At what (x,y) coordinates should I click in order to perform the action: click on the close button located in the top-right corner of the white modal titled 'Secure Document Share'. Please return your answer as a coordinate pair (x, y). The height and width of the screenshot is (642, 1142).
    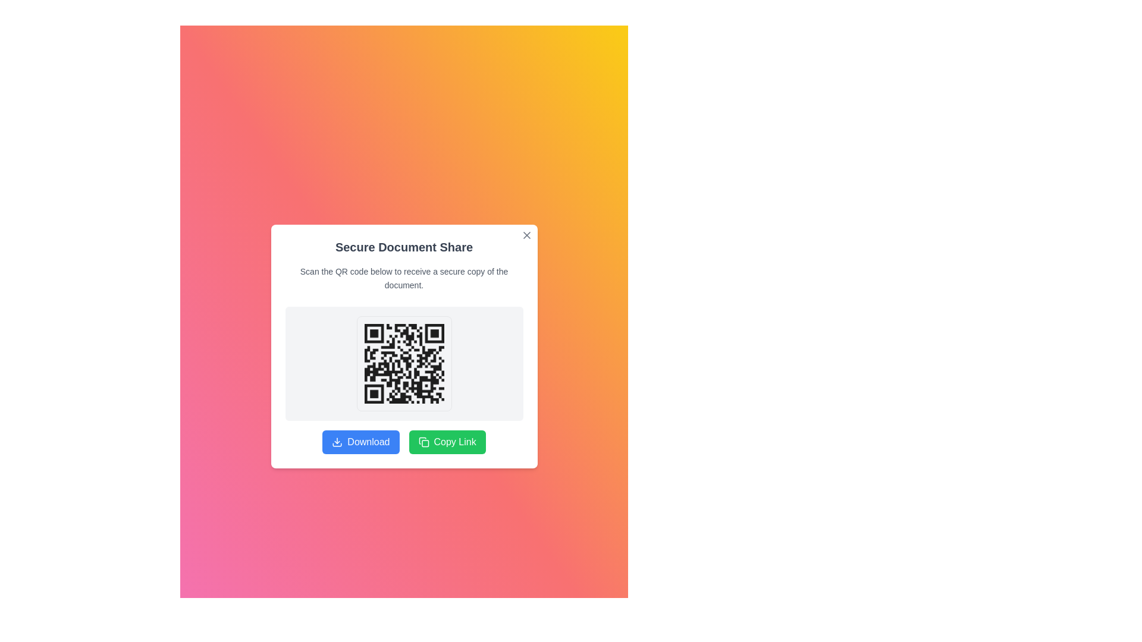
    Looking at the image, I should click on (526, 235).